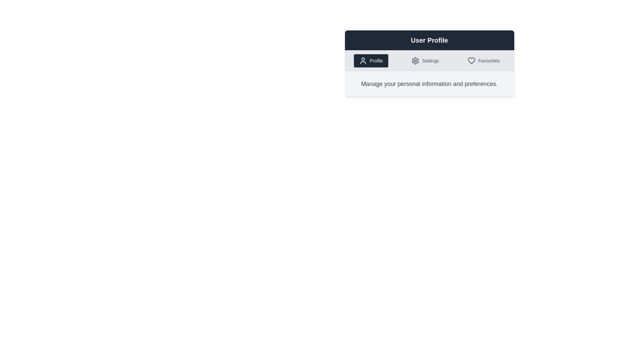 The height and width of the screenshot is (357, 635). Describe the element at coordinates (371, 61) in the screenshot. I see `the Profile tab by clicking on it` at that location.